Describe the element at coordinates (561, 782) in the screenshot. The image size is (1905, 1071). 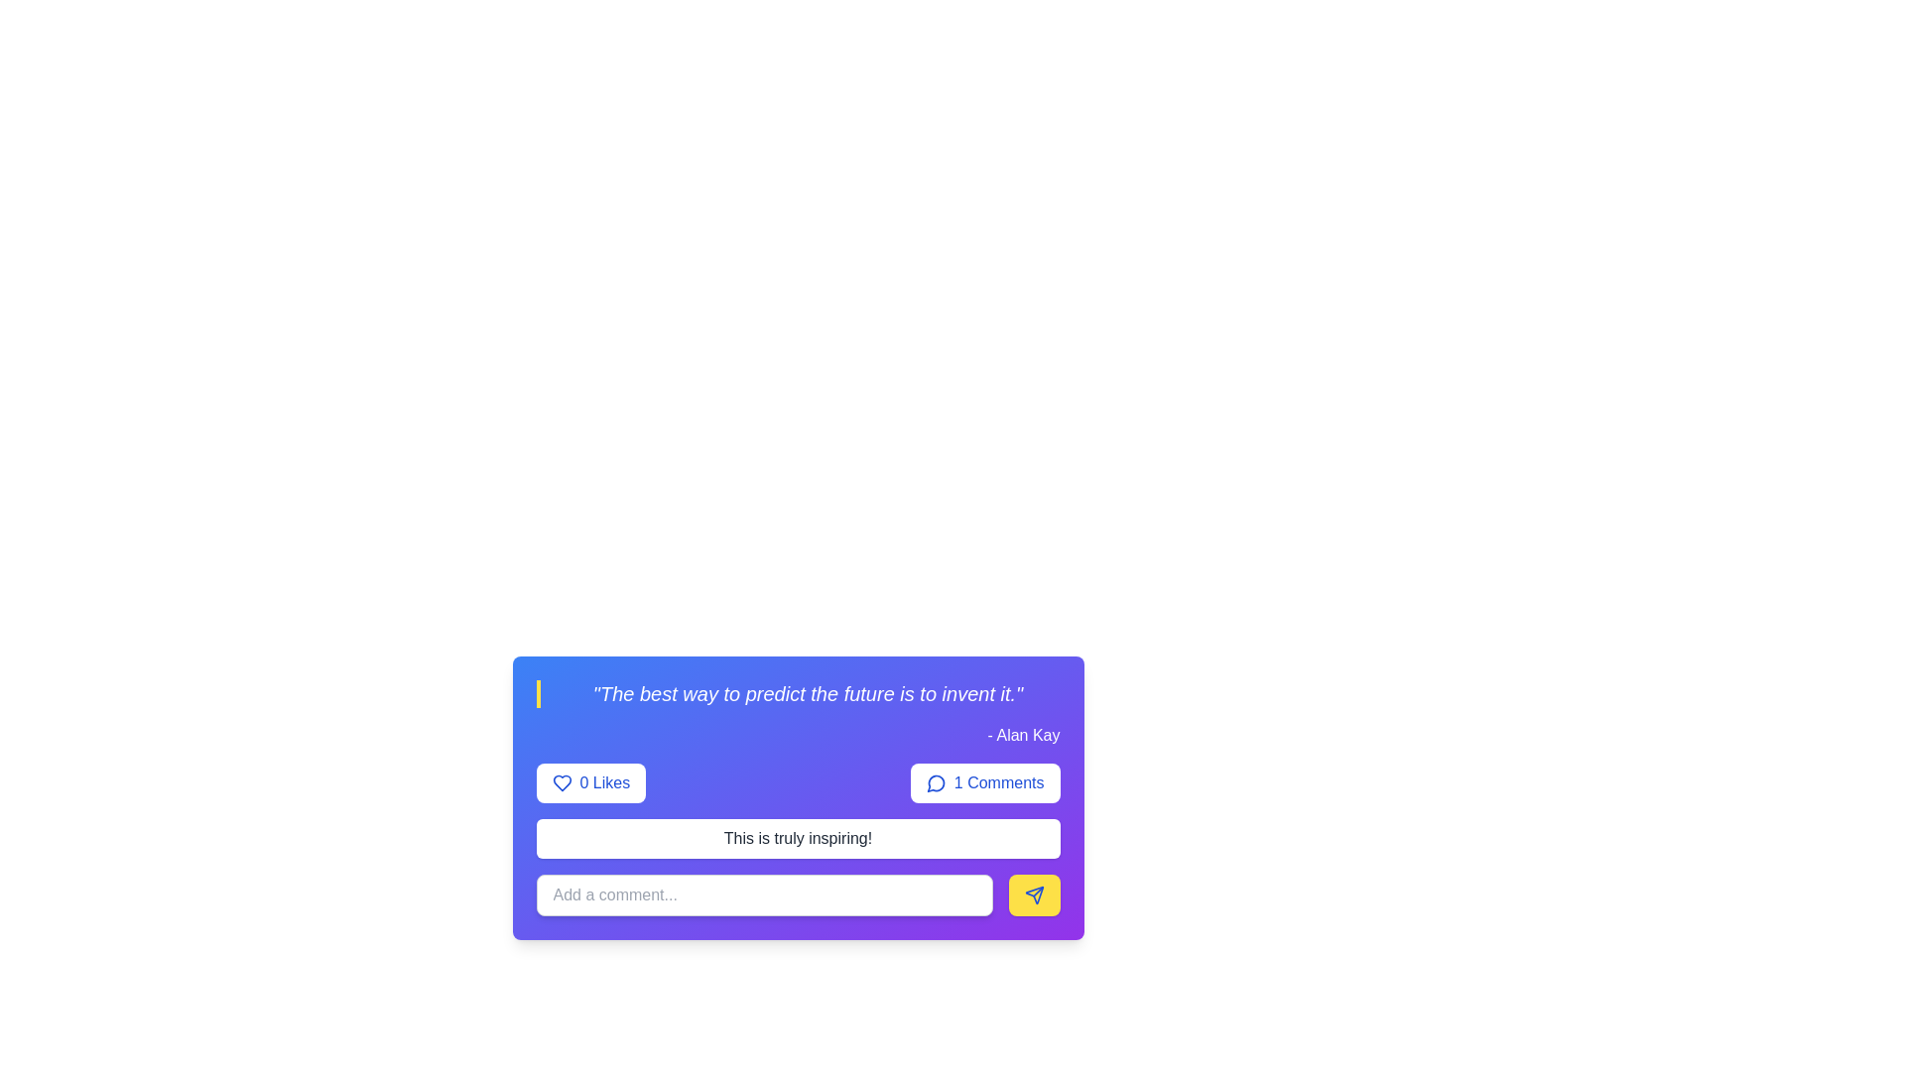
I see `the heart-shaped icon within the 'Likes' button` at that location.